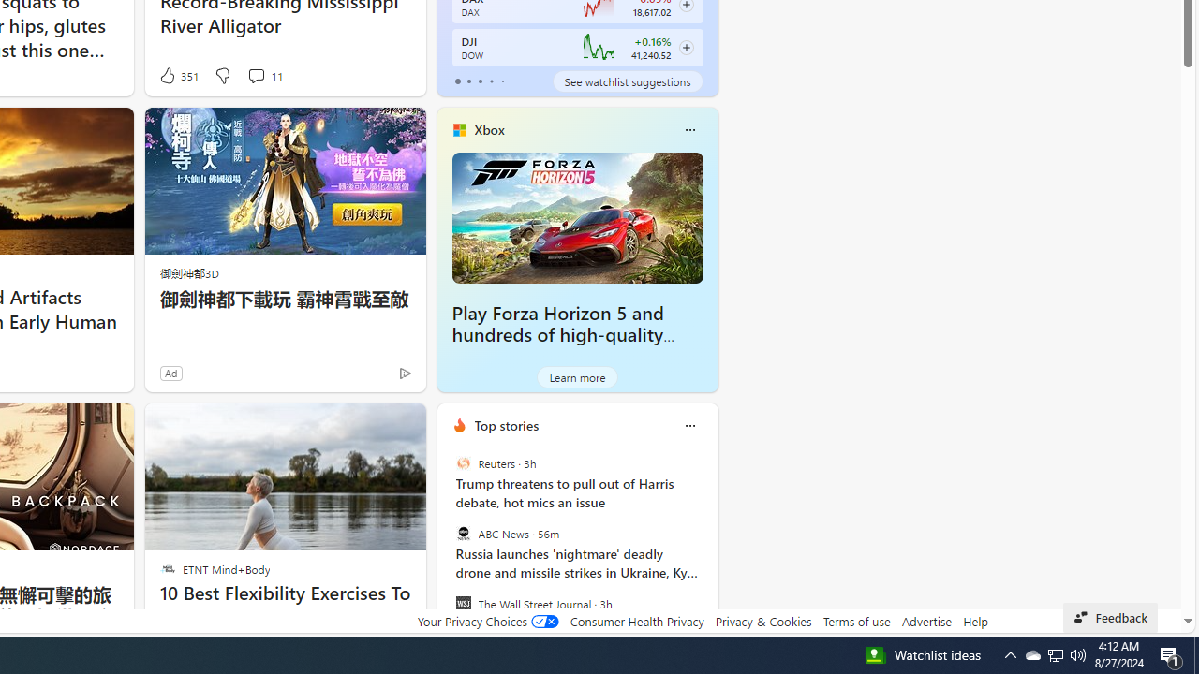  I want to click on 'See watchlist suggestions', so click(628, 81).